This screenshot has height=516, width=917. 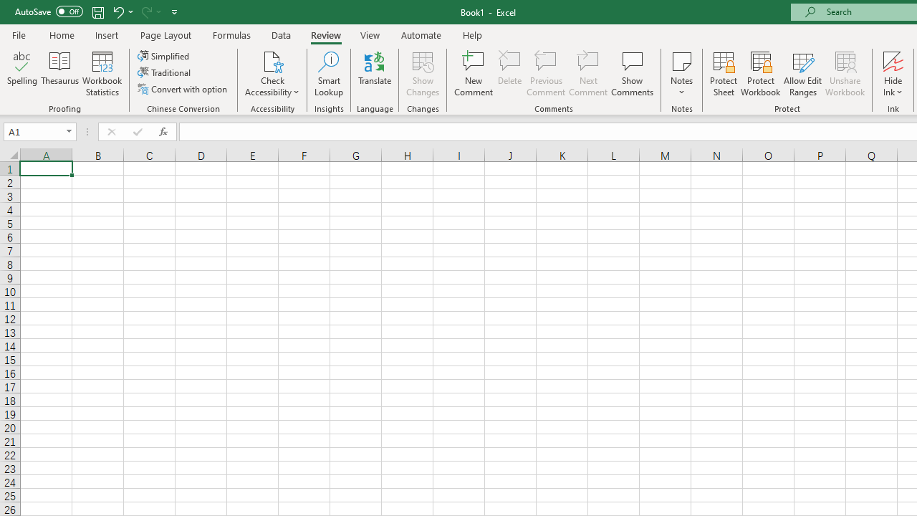 I want to click on 'Show Comments', so click(x=632, y=74).